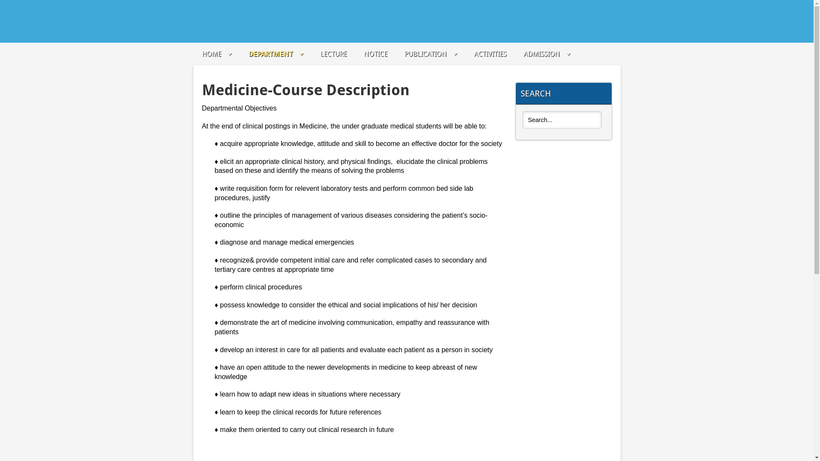 This screenshot has width=820, height=461. Describe the element at coordinates (305, 90) in the screenshot. I see `'Medicine-Course Description'` at that location.